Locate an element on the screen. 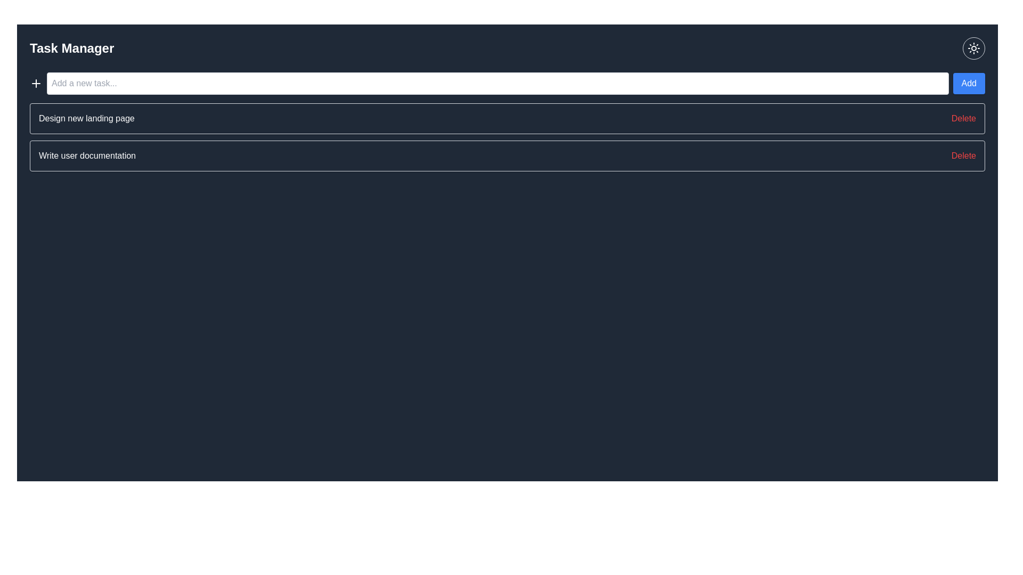  the bold, large title labeled 'Task Manager' located at the top-left corner of the application interface is located at coordinates (71, 48).